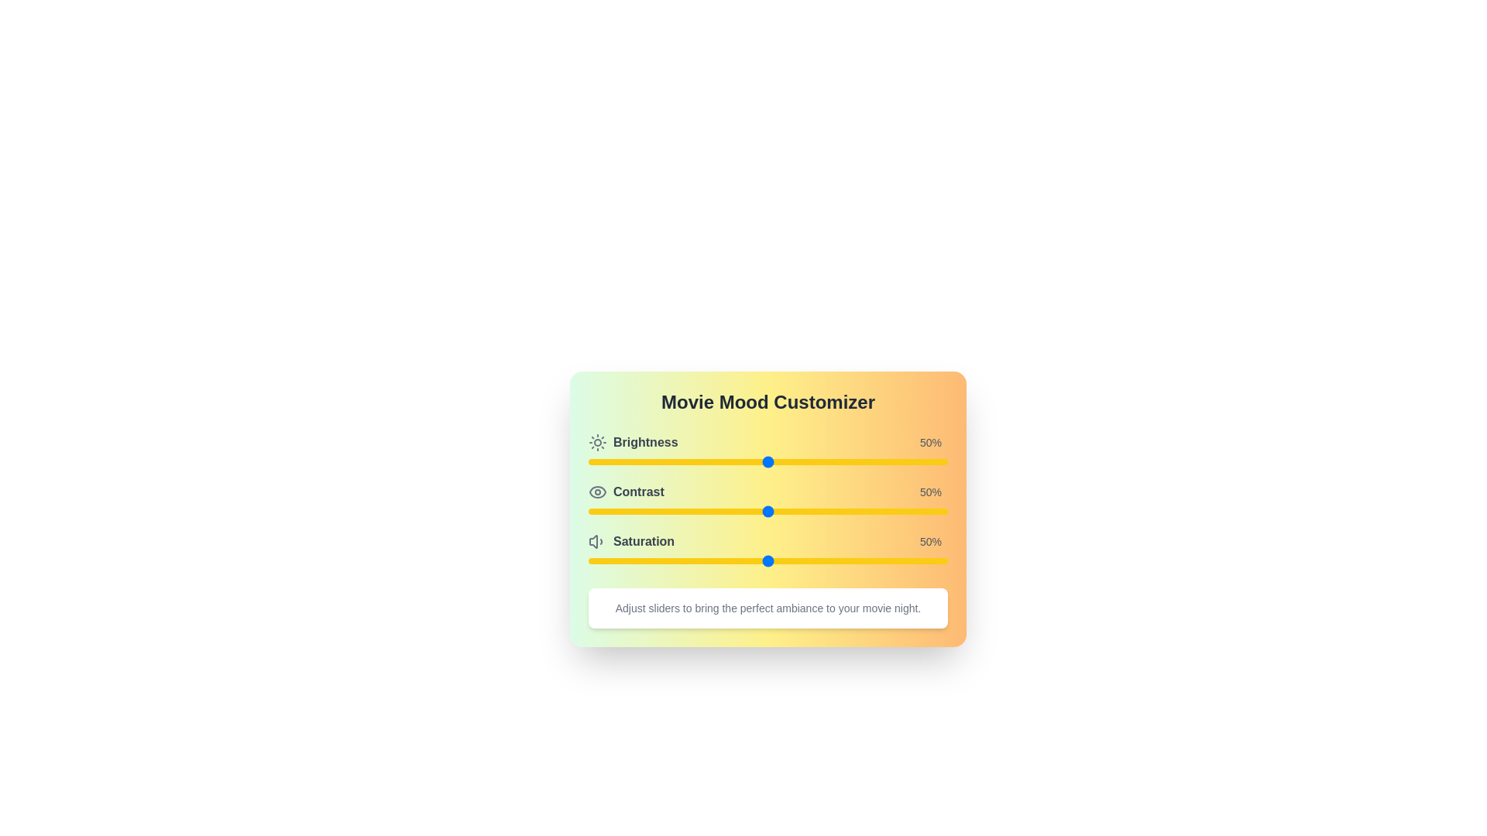  I want to click on the slider, so click(789, 561).